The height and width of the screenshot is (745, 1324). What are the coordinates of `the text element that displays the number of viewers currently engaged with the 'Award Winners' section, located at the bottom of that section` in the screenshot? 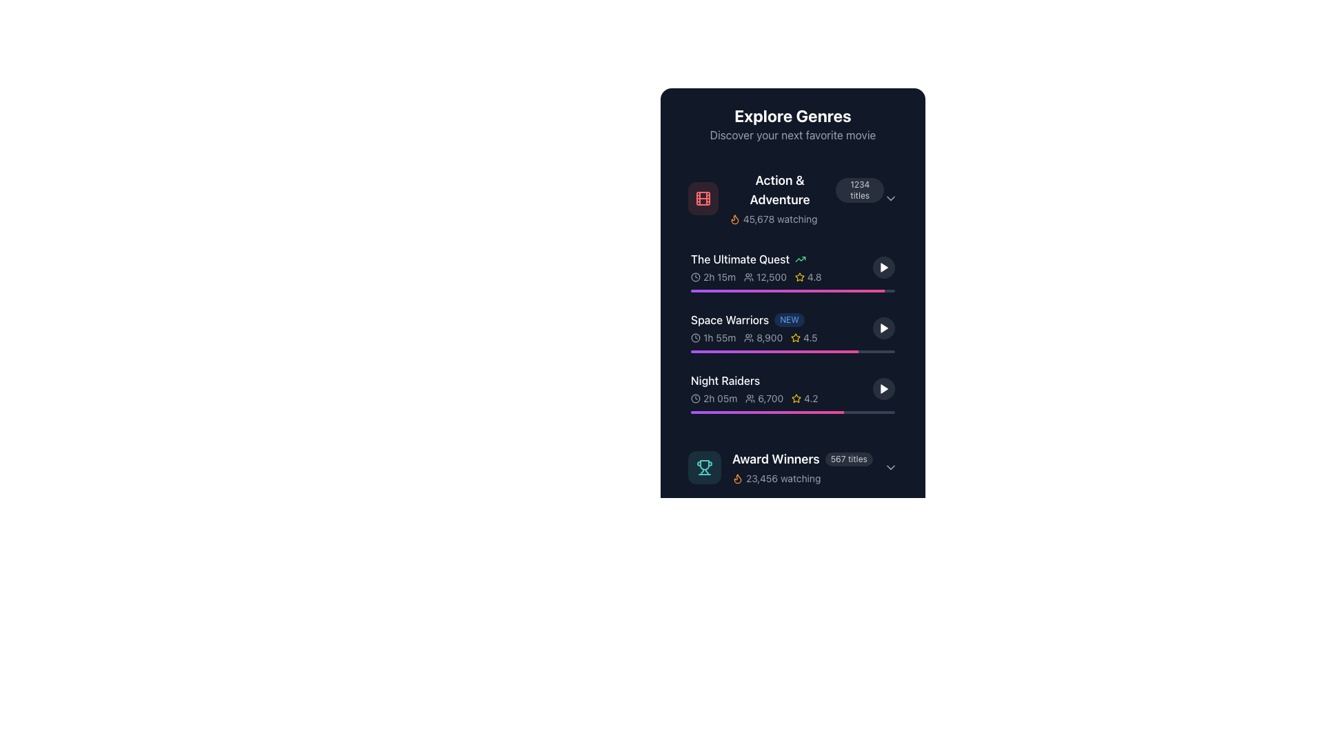 It's located at (776, 478).